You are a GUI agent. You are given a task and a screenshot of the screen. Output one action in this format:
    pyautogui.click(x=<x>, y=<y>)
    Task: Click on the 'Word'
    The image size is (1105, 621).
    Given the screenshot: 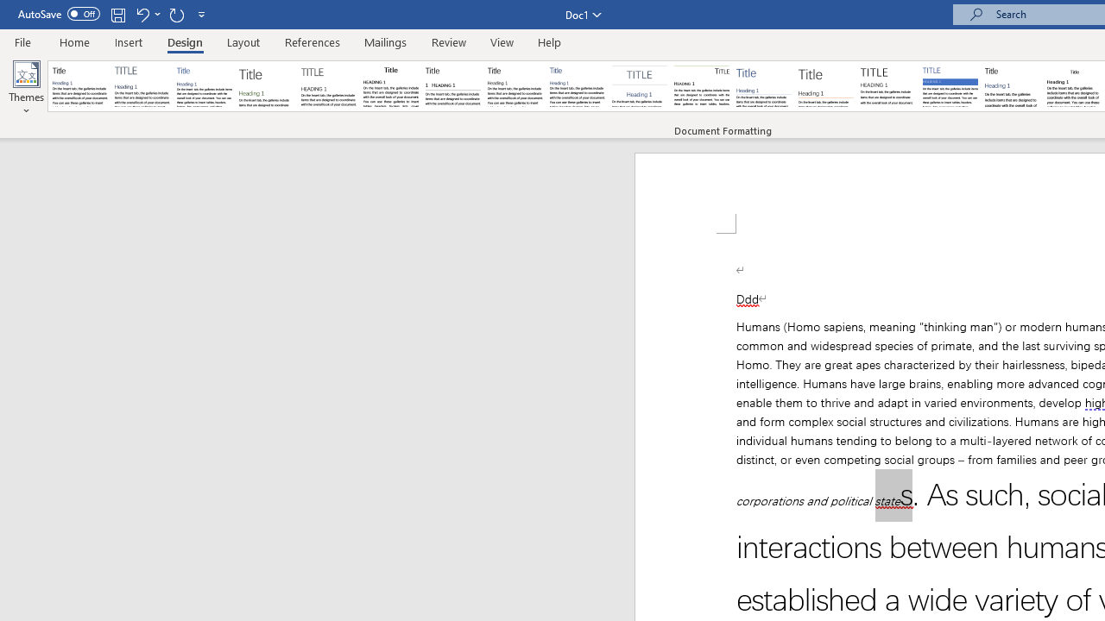 What is the action you would take?
    pyautogui.click(x=1013, y=86)
    